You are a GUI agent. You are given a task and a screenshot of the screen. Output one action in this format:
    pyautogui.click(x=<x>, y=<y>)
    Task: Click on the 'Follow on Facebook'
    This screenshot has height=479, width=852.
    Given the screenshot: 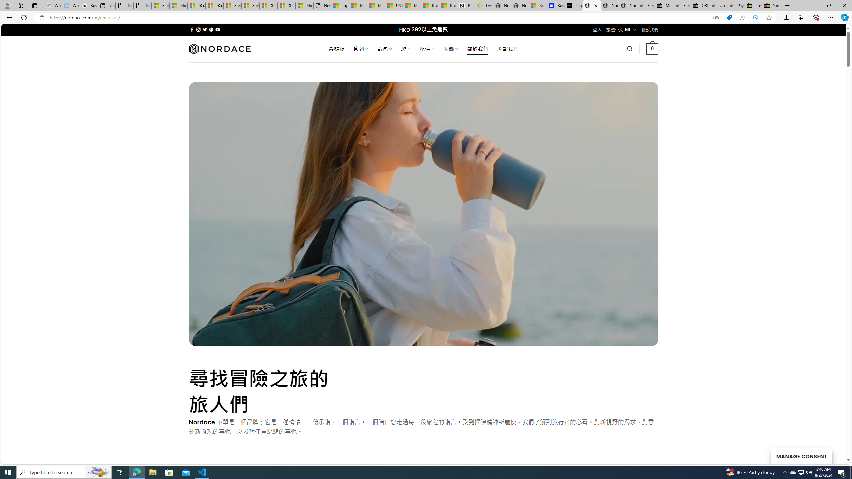 What is the action you would take?
    pyautogui.click(x=192, y=29)
    